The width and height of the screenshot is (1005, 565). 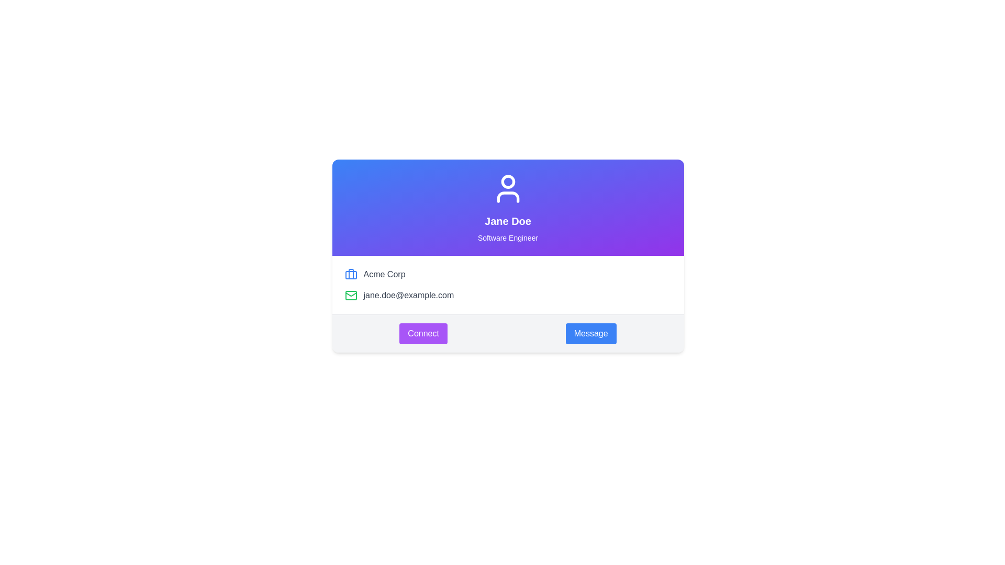 I want to click on the email icon located to the left of the email text 'jane.doe@example.com' at the bottom of the user profile card, above the 'Connect' and 'Message' buttons, so click(x=351, y=295).